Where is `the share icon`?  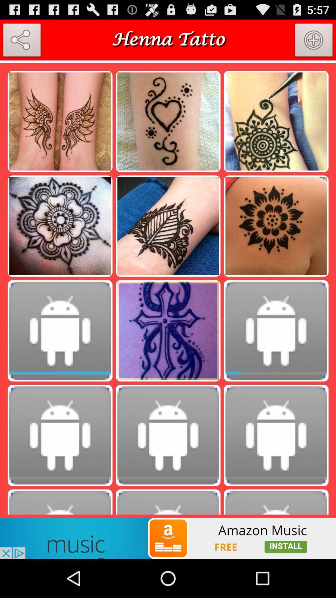 the share icon is located at coordinates (21, 44).